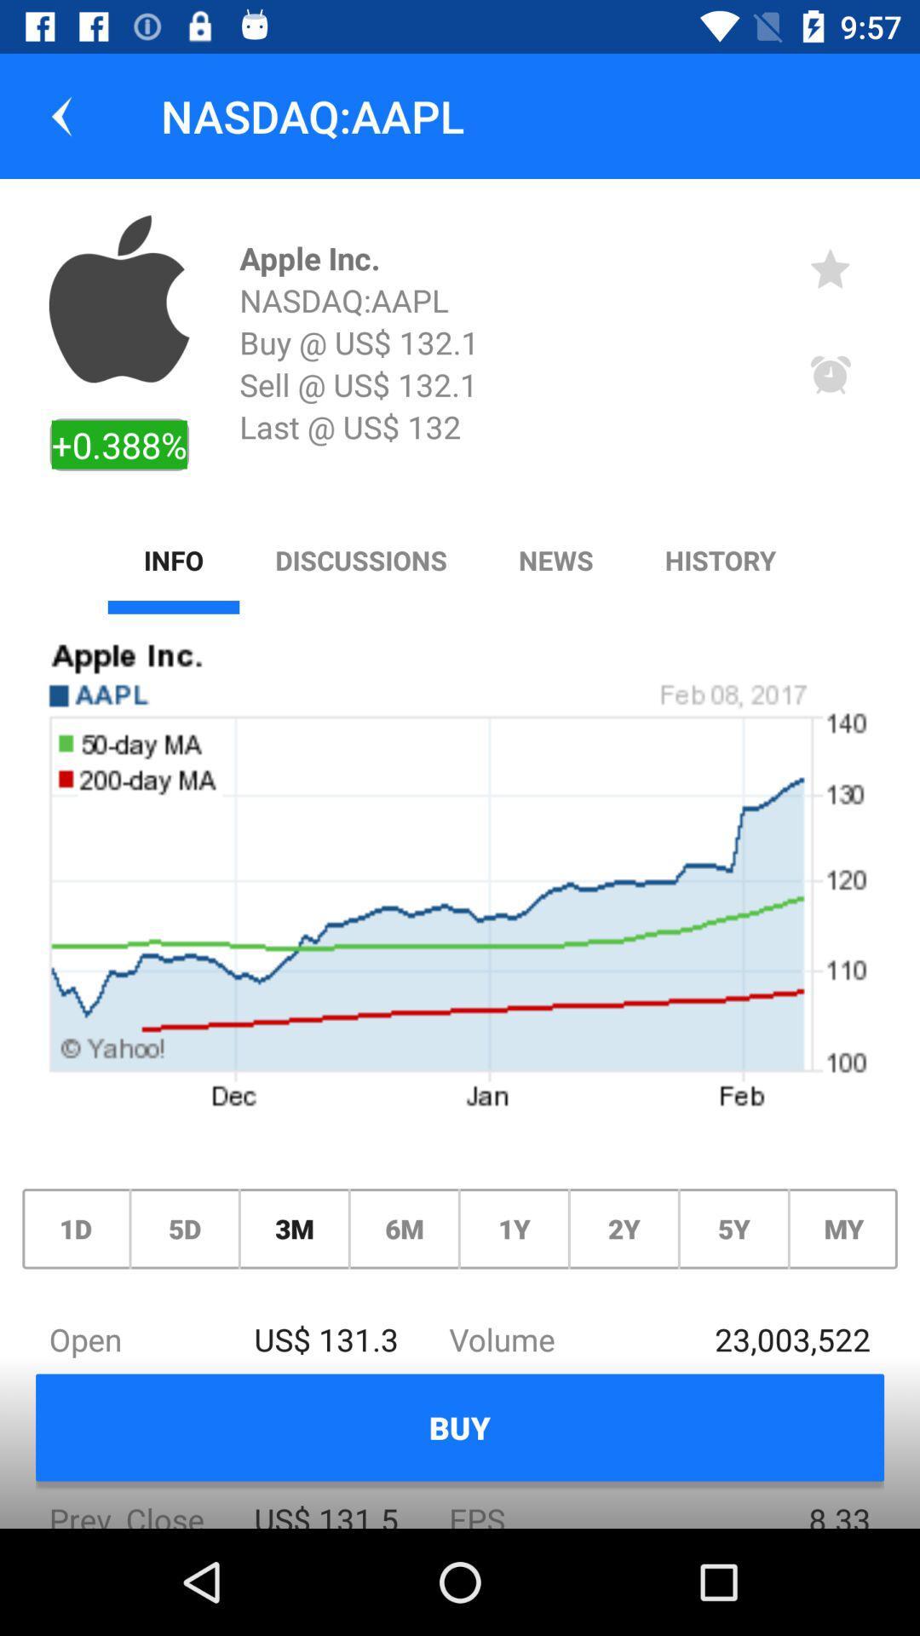  I want to click on 1y item, so click(513, 1229).